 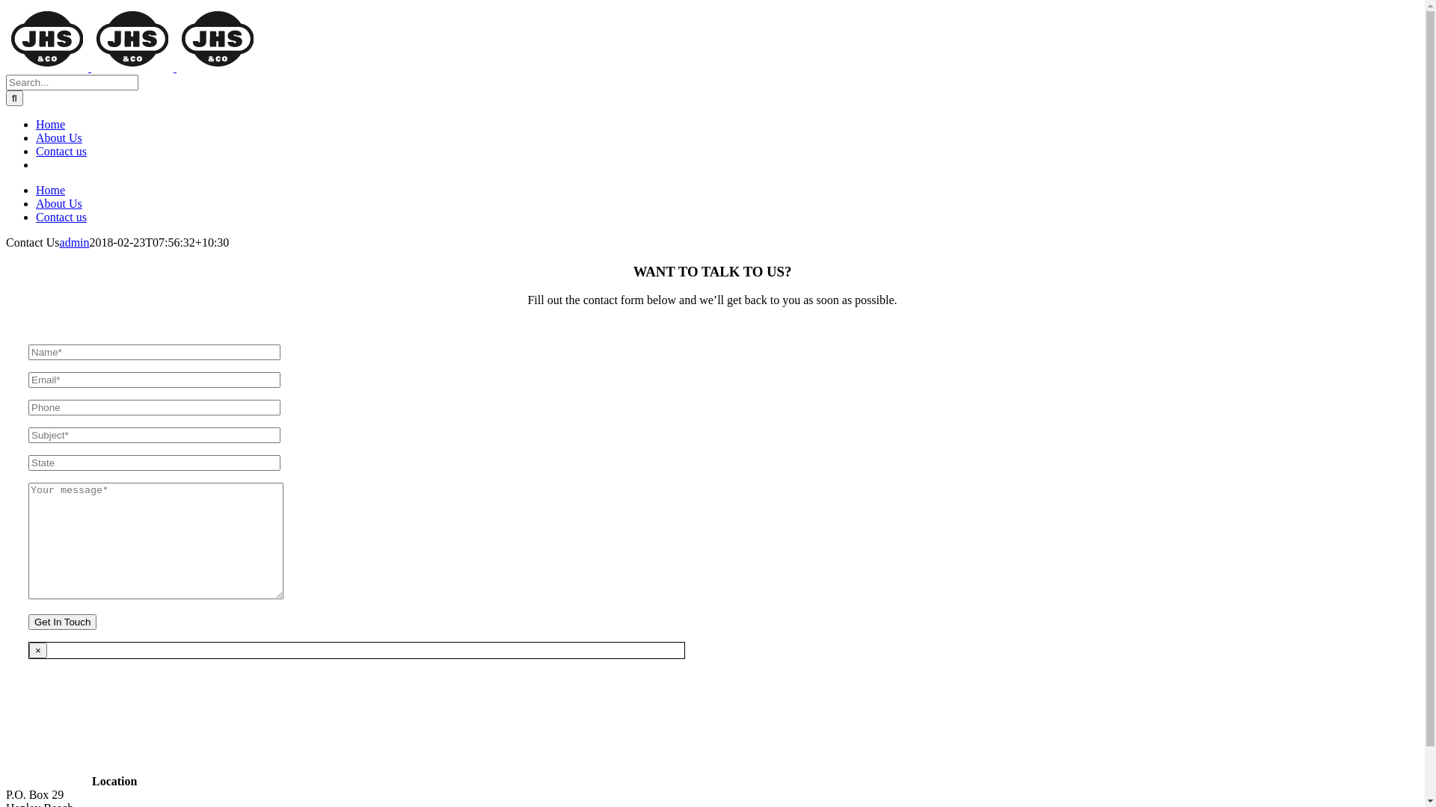 What do you see at coordinates (50, 123) in the screenshot?
I see `'Home'` at bounding box center [50, 123].